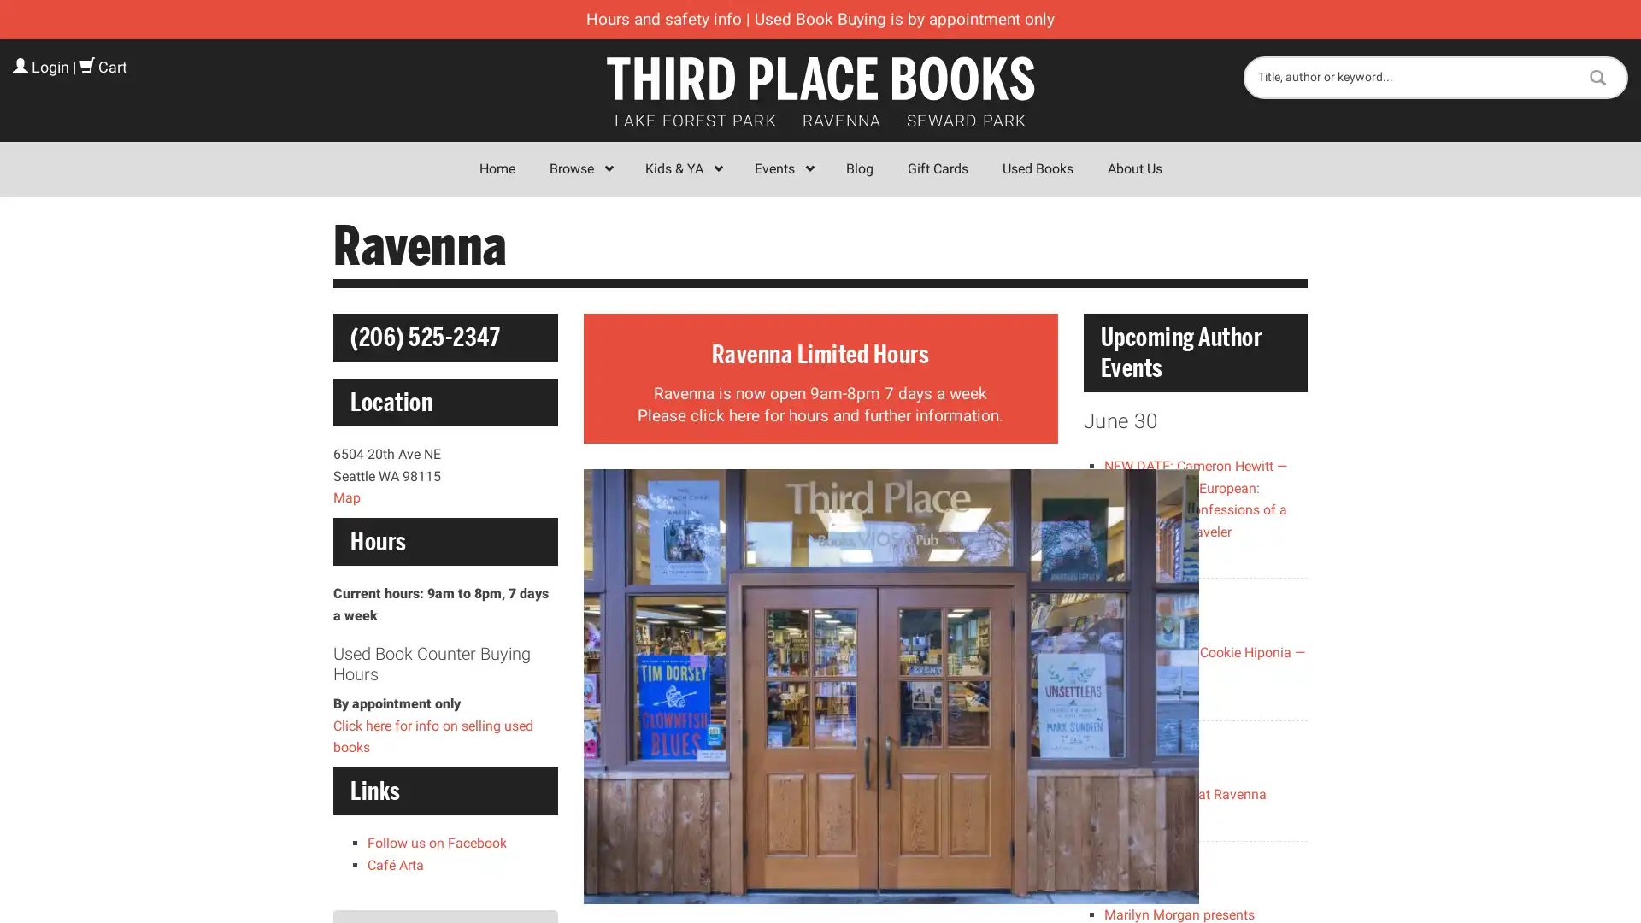 This screenshot has height=923, width=1641. What do you see at coordinates (820, 636) in the screenshot?
I see `Sign Up!` at bounding box center [820, 636].